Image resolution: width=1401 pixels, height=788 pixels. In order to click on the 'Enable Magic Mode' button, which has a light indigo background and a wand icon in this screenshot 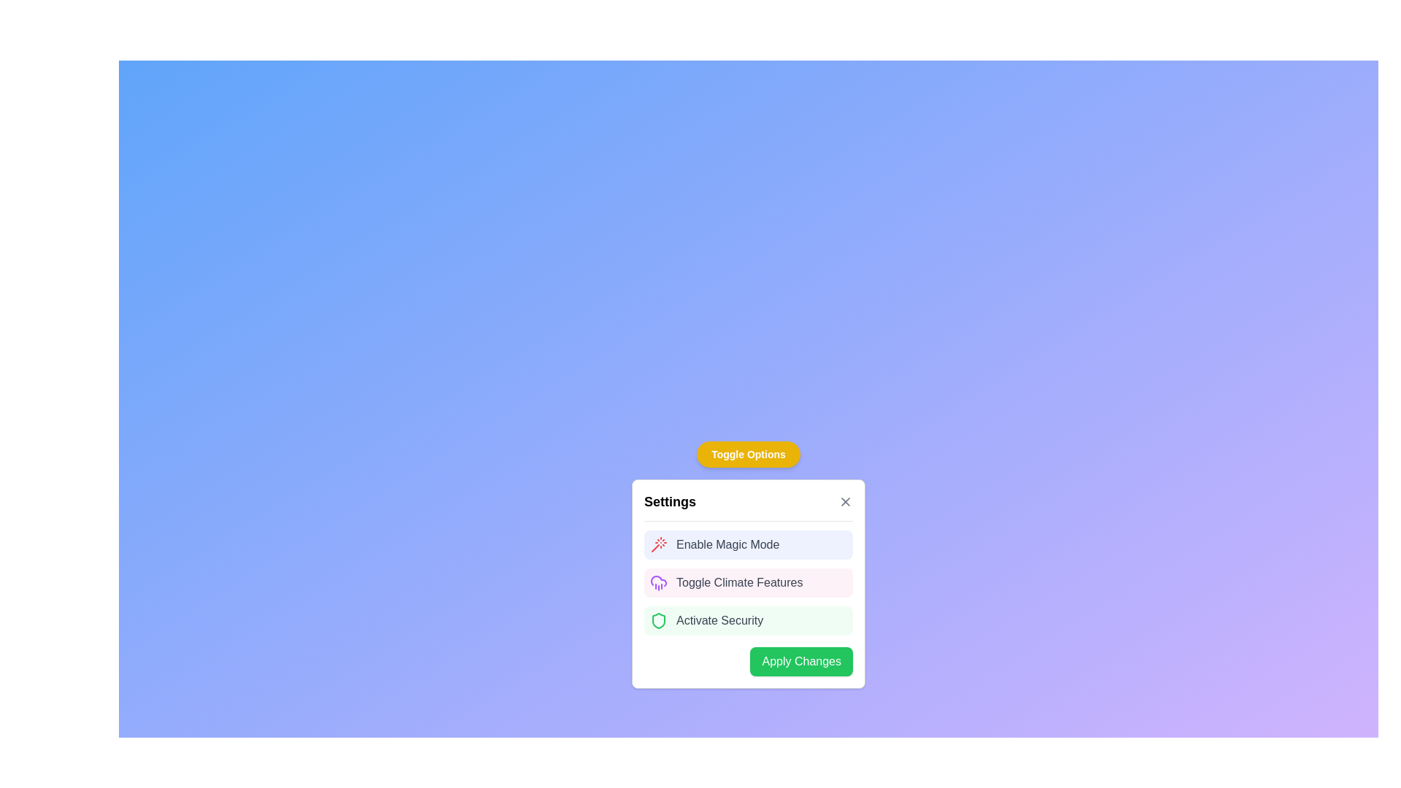, I will do `click(749, 545)`.